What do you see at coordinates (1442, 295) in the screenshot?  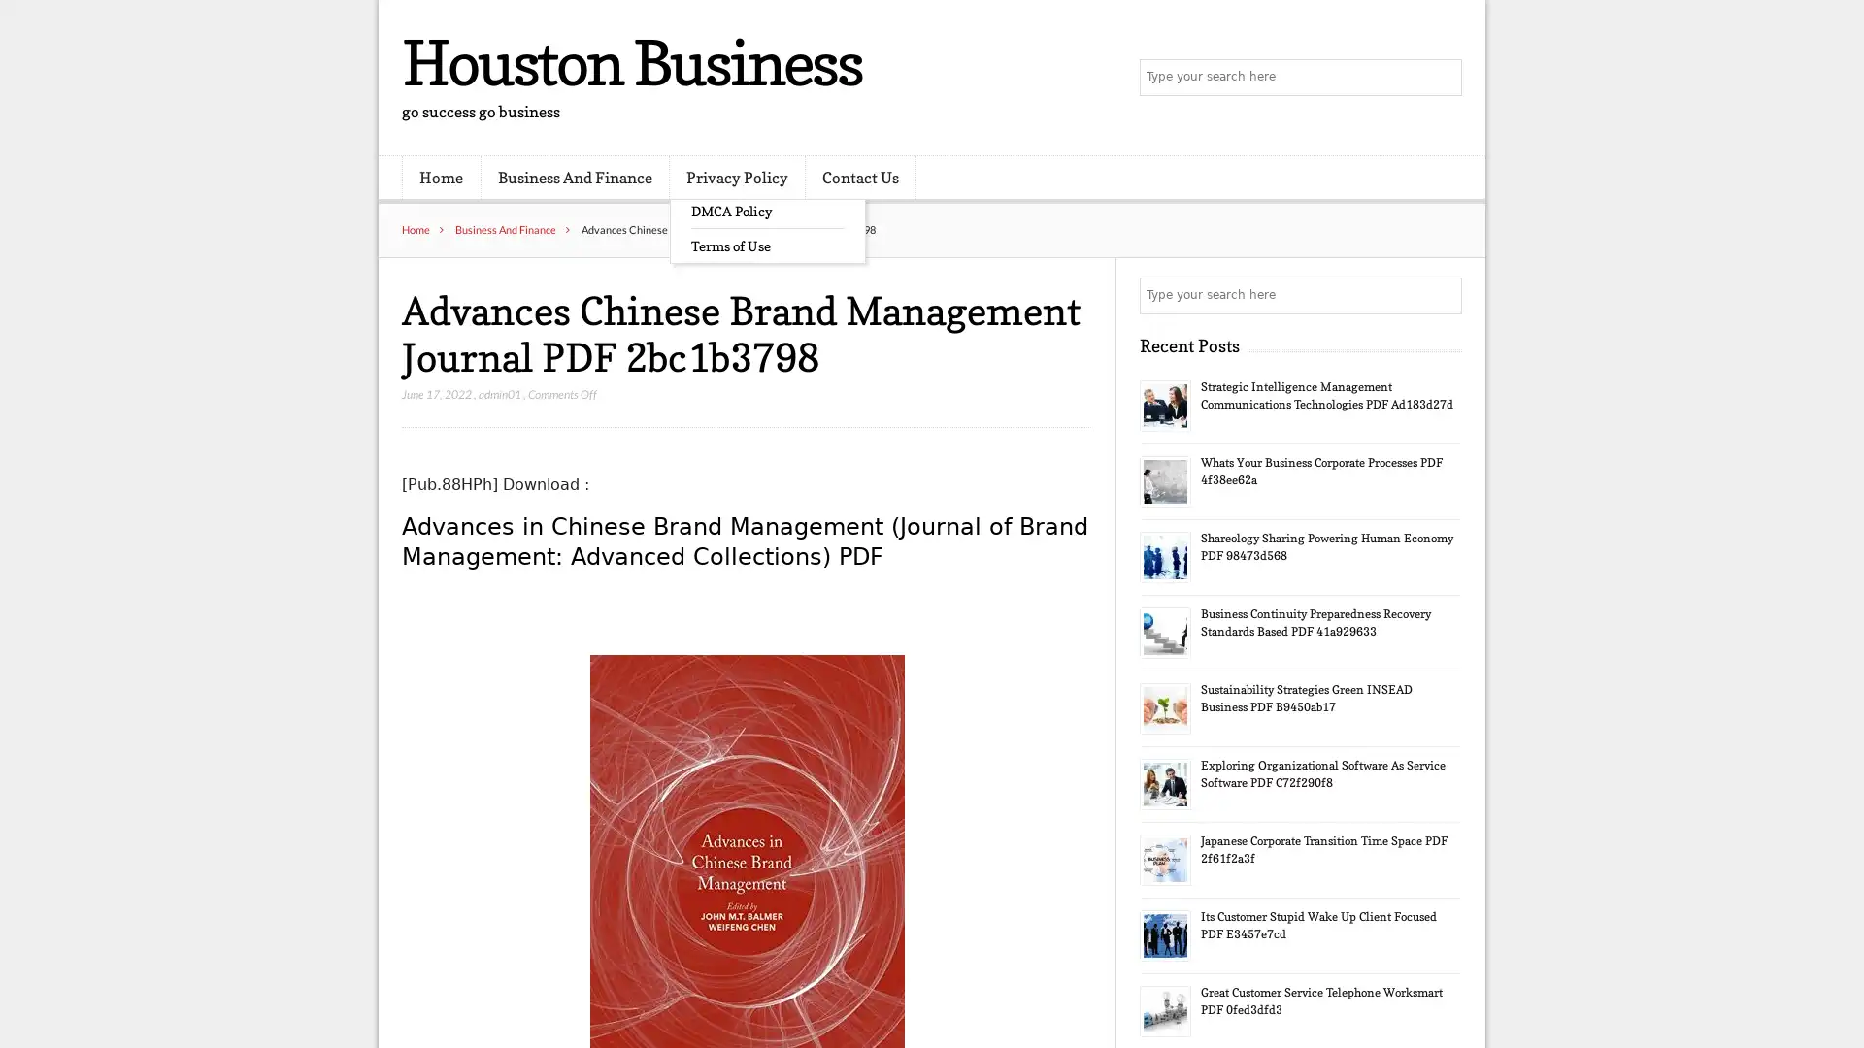 I see `Search` at bounding box center [1442, 295].